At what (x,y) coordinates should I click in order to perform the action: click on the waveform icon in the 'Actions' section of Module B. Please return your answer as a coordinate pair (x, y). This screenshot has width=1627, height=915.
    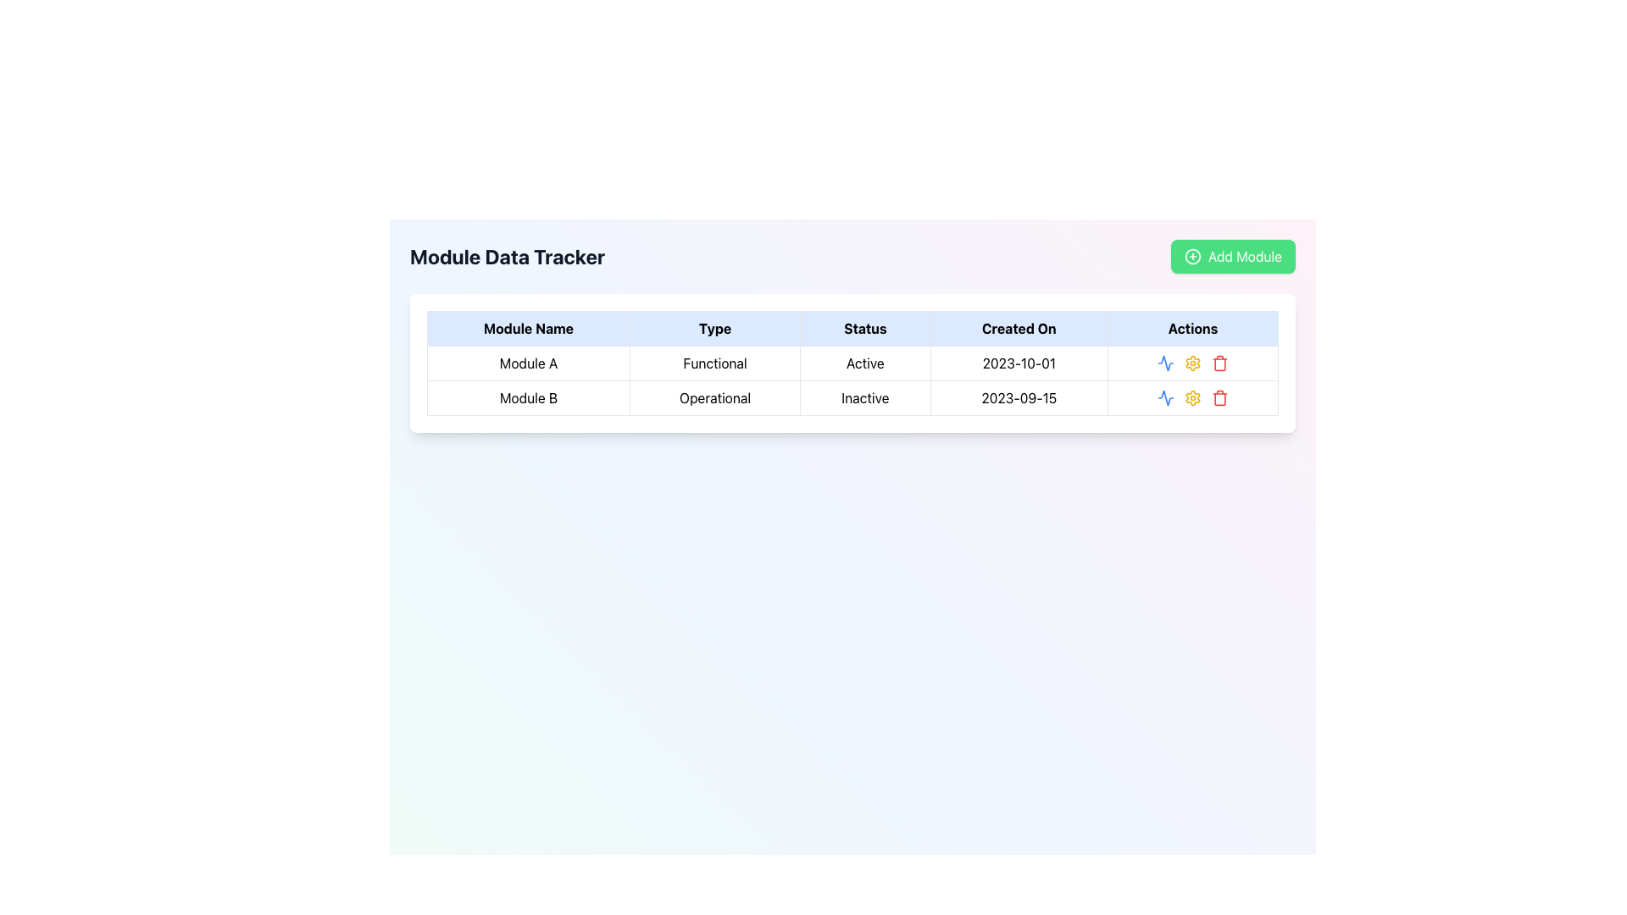
    Looking at the image, I should click on (1165, 362).